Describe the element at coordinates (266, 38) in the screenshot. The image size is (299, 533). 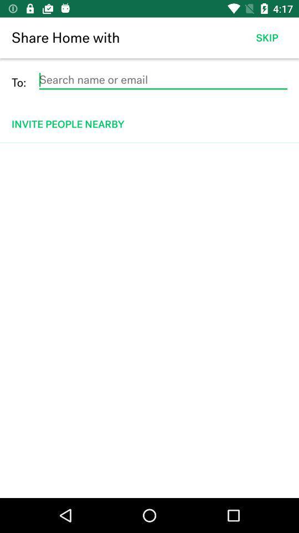
I see `skip icon` at that location.